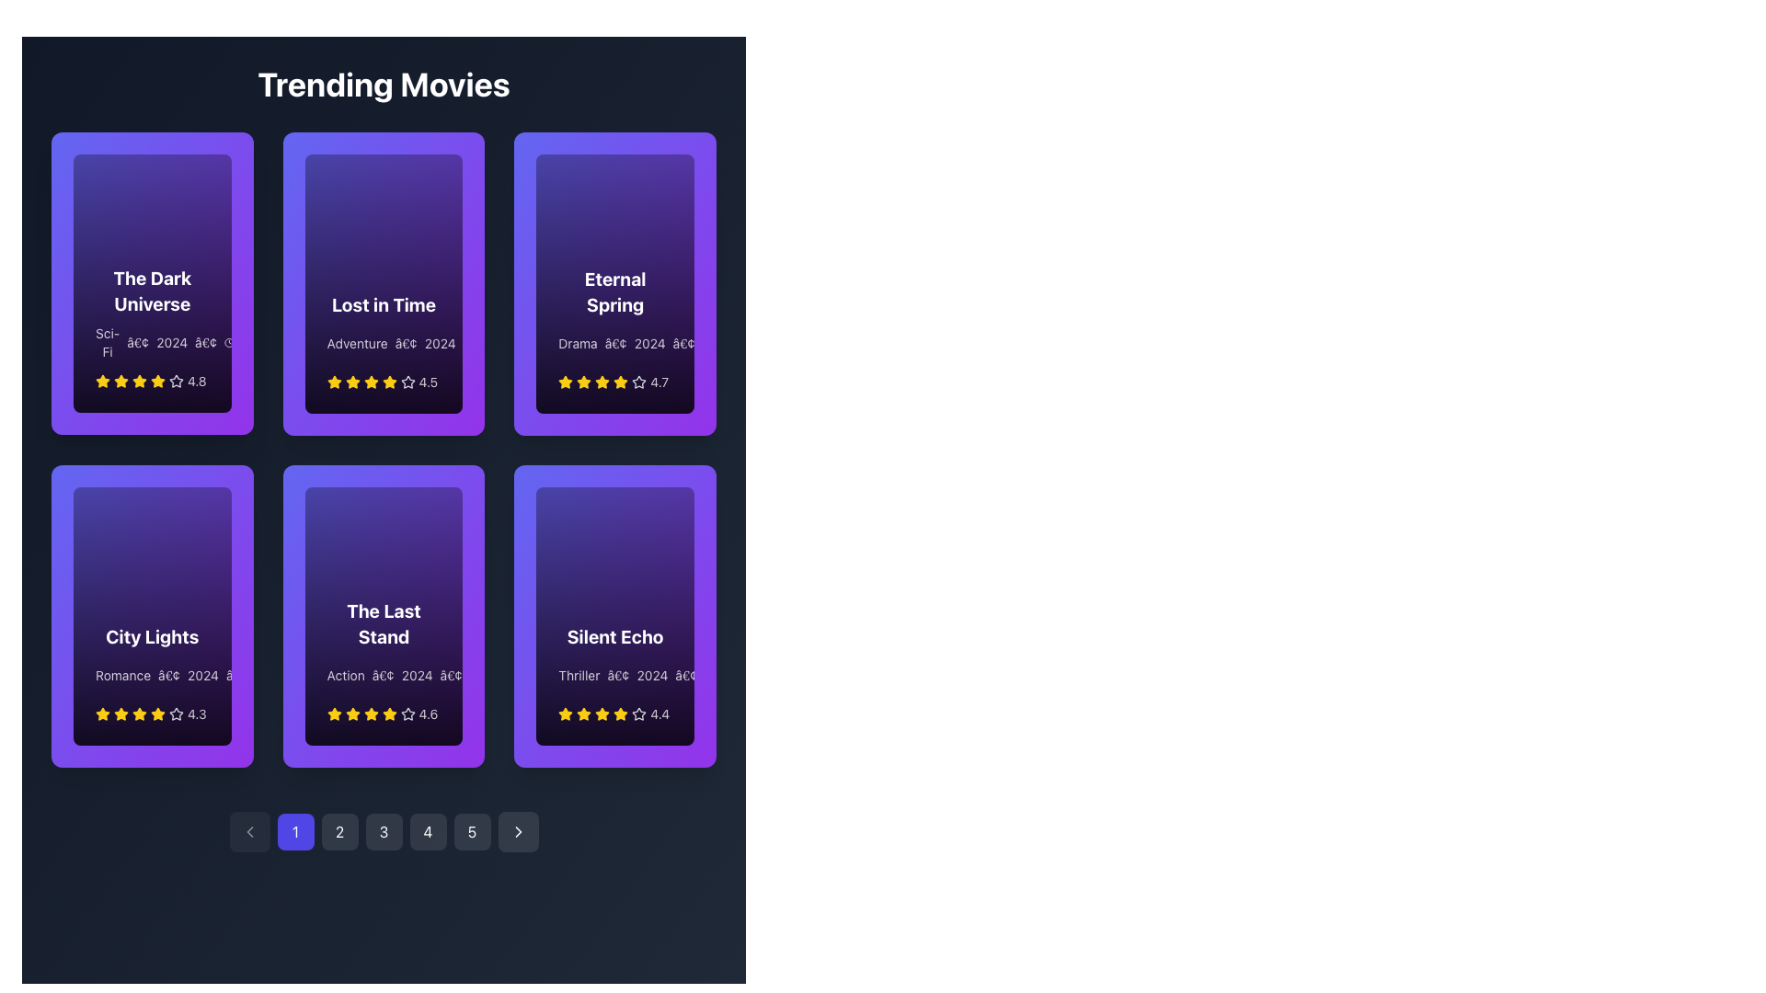 This screenshot has height=993, width=1766. Describe the element at coordinates (388, 381) in the screenshot. I see `the fifth yellow star icon with a hollow center in the rating display for the movie 'Lost in Time' within the 'Trending Movies' grid` at that location.